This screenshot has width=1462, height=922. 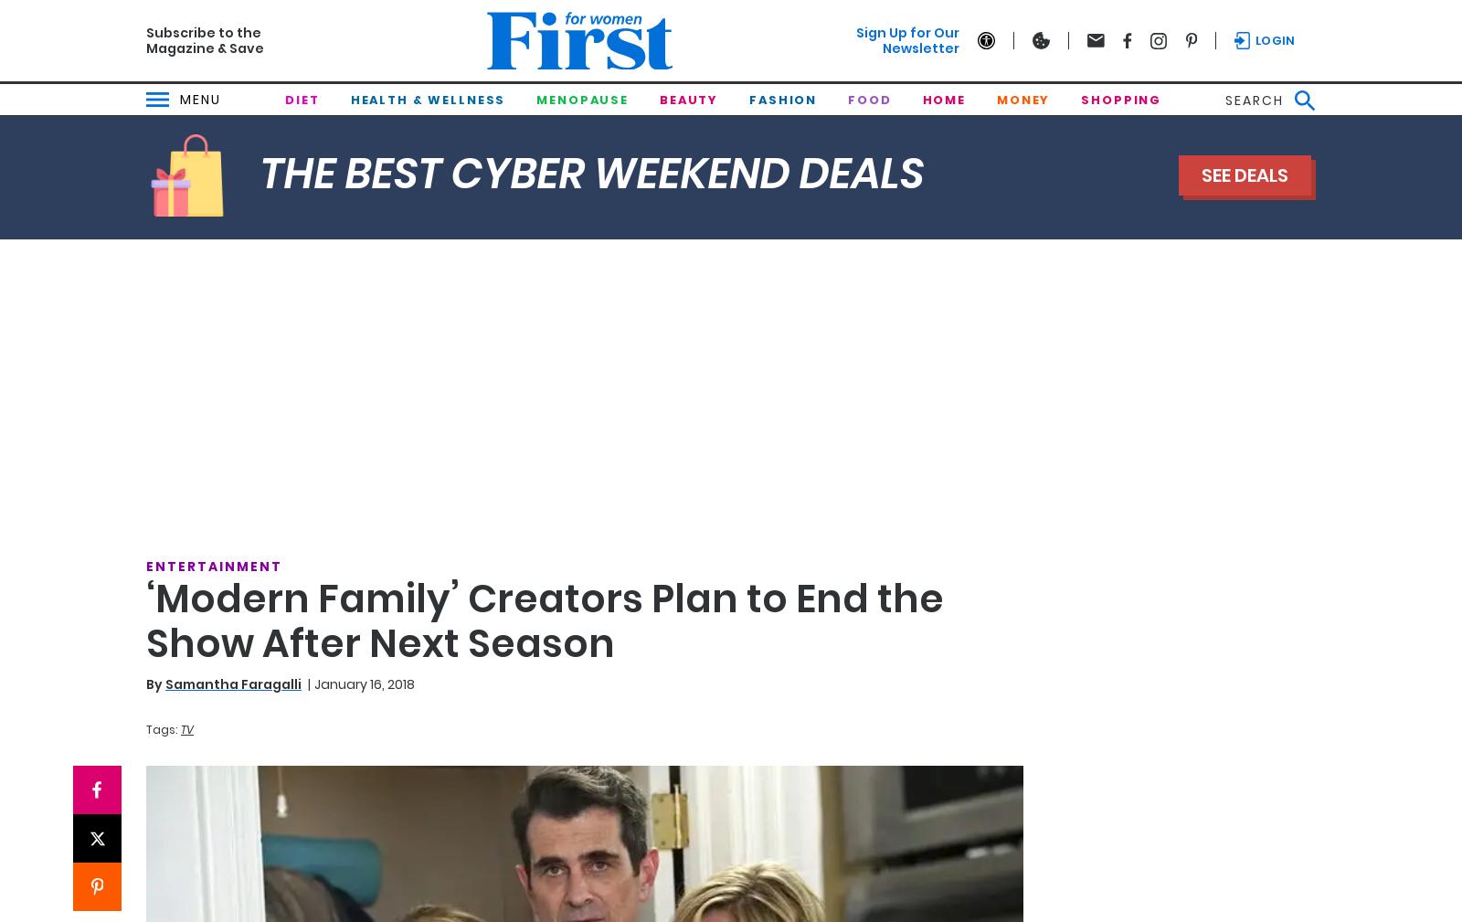 I want to click on 'See Deals', so click(x=1244, y=175).